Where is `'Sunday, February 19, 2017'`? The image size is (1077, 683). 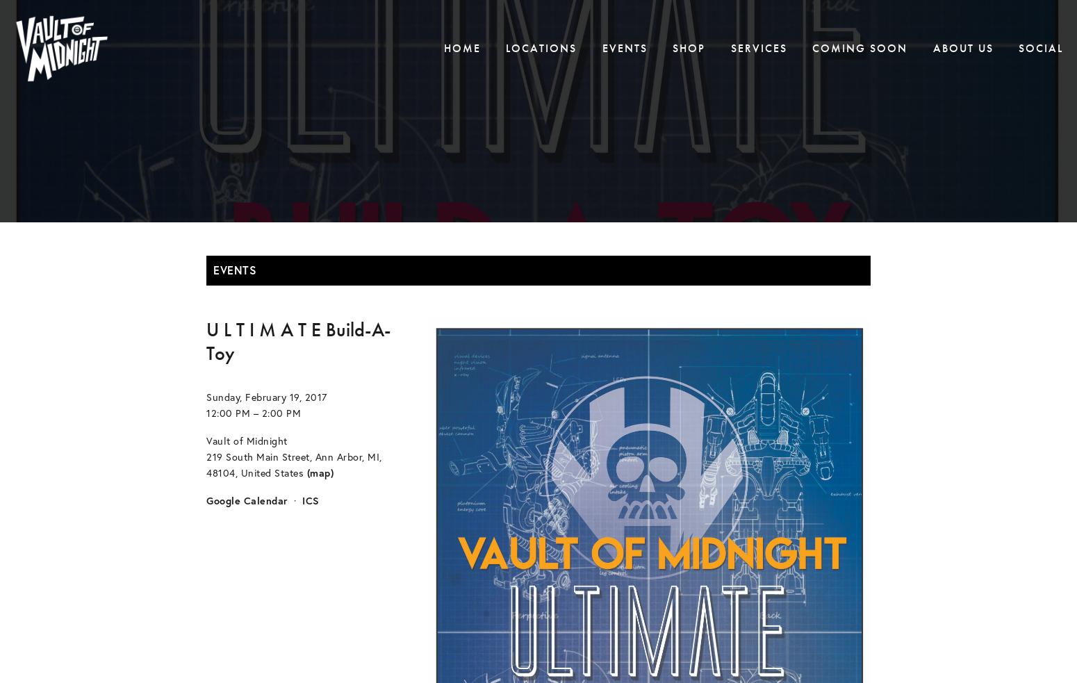
'Sunday, February 19, 2017' is located at coordinates (265, 396).